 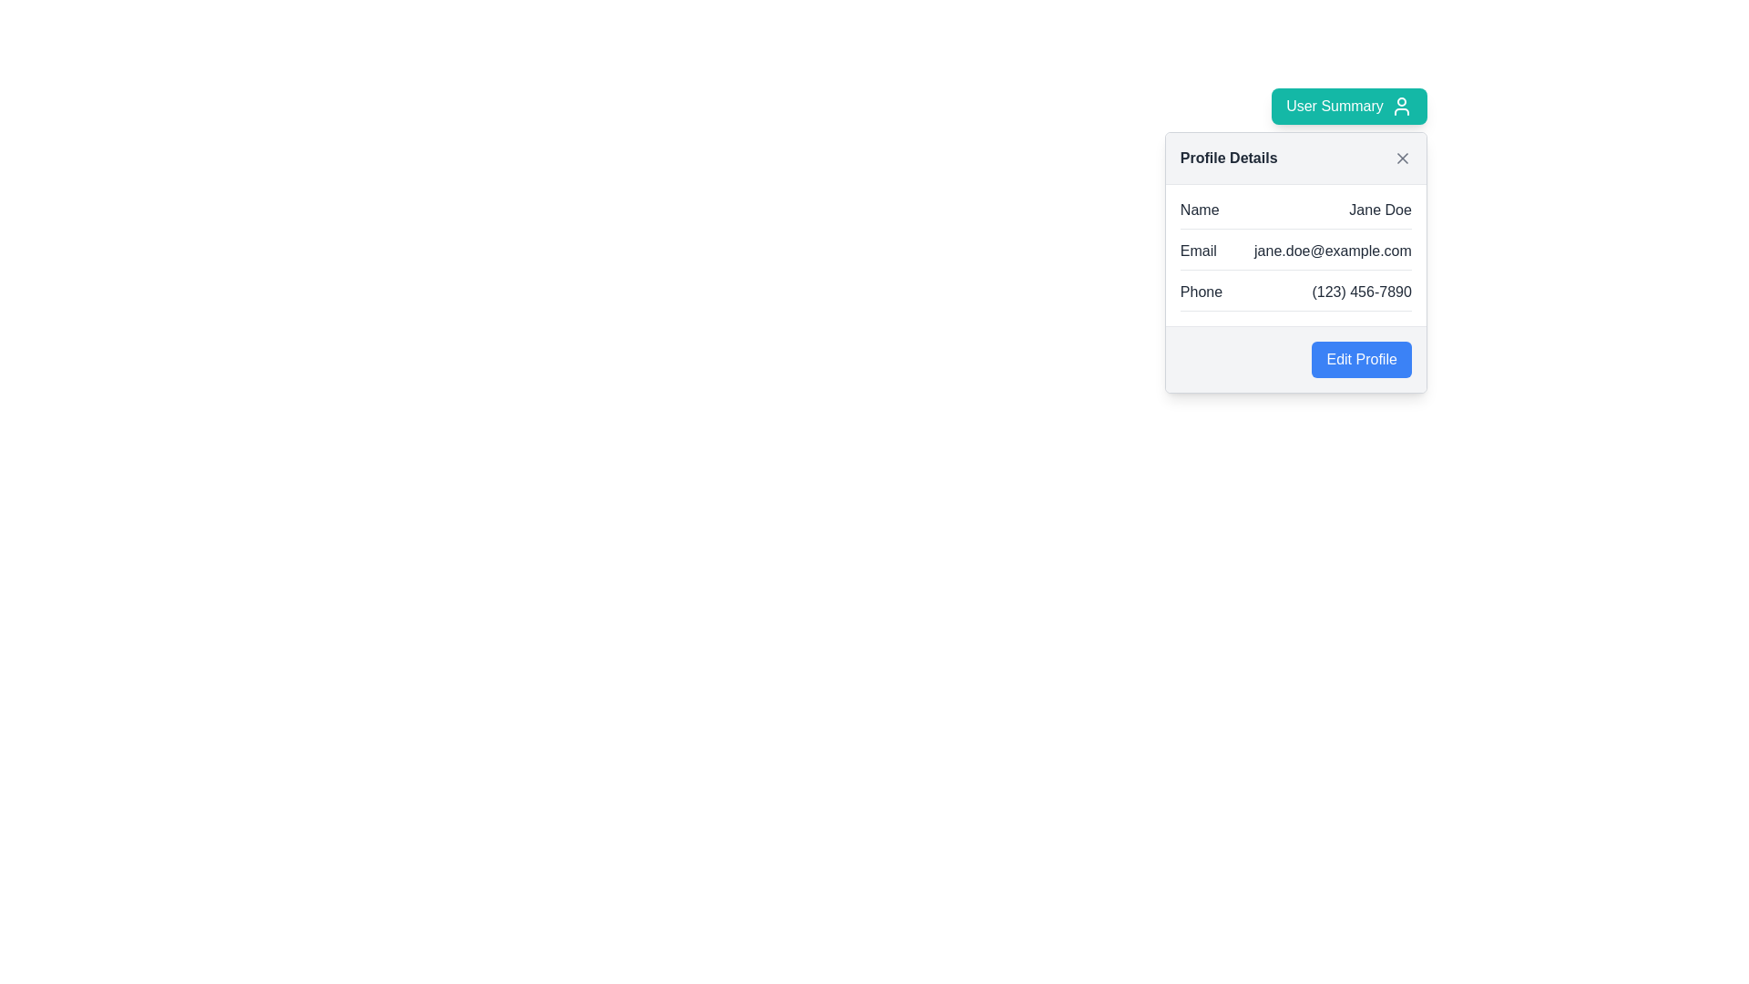 What do you see at coordinates (1349, 106) in the screenshot?
I see `the button that toggles user summary information, which is positioned at the top of the panel above the 'Profile Details' section` at bounding box center [1349, 106].